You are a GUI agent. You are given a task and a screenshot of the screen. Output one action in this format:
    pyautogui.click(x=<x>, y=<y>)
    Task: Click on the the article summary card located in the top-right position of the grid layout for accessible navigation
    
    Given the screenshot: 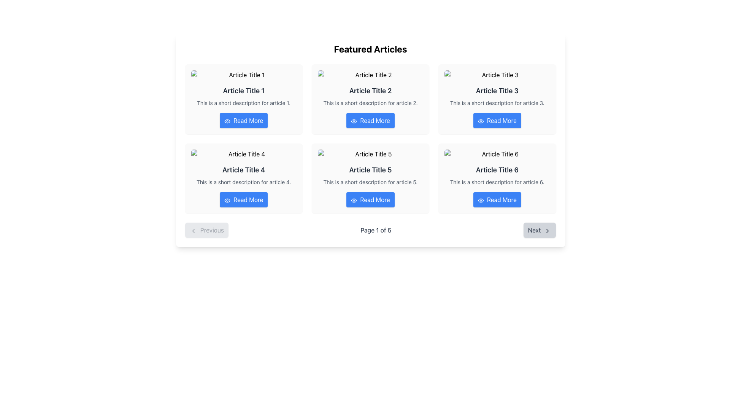 What is the action you would take?
    pyautogui.click(x=497, y=99)
    